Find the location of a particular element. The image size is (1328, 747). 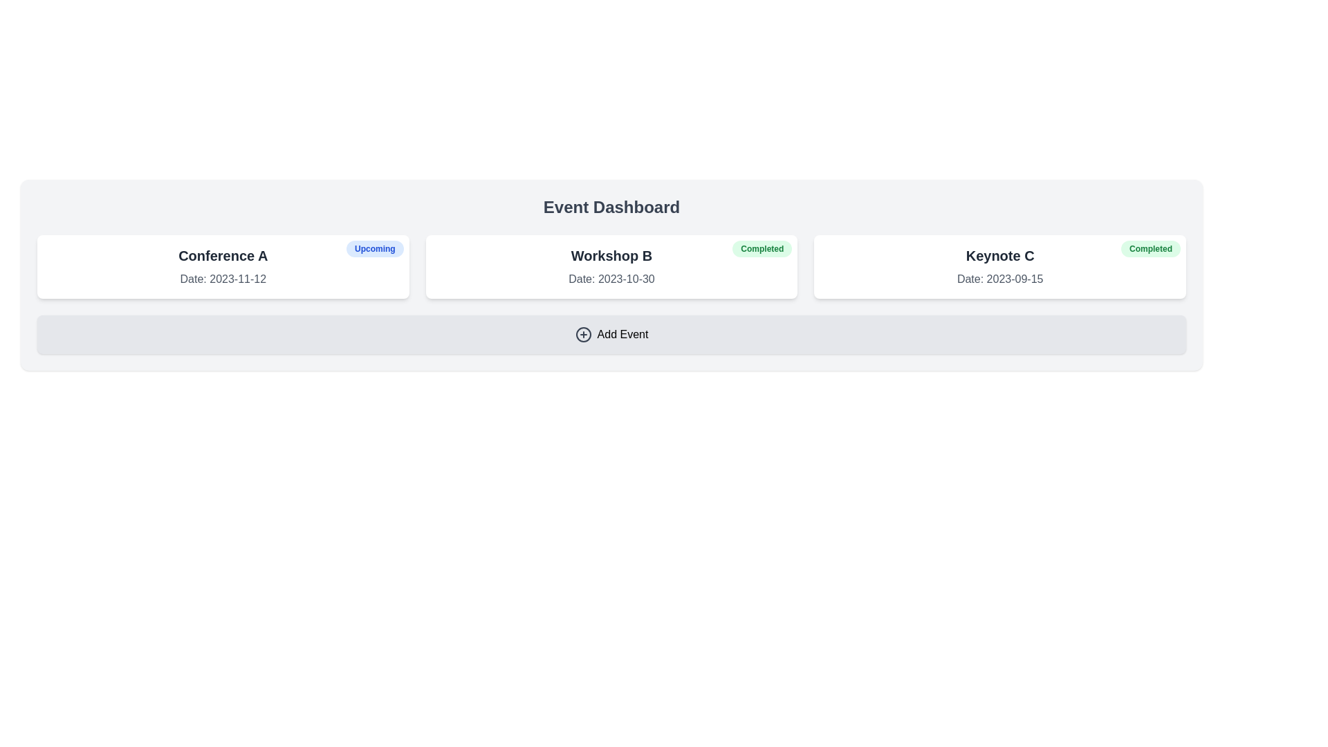

the date label located below the title 'Conference A' in the top-left card of the grouped layout is located at coordinates (223, 279).